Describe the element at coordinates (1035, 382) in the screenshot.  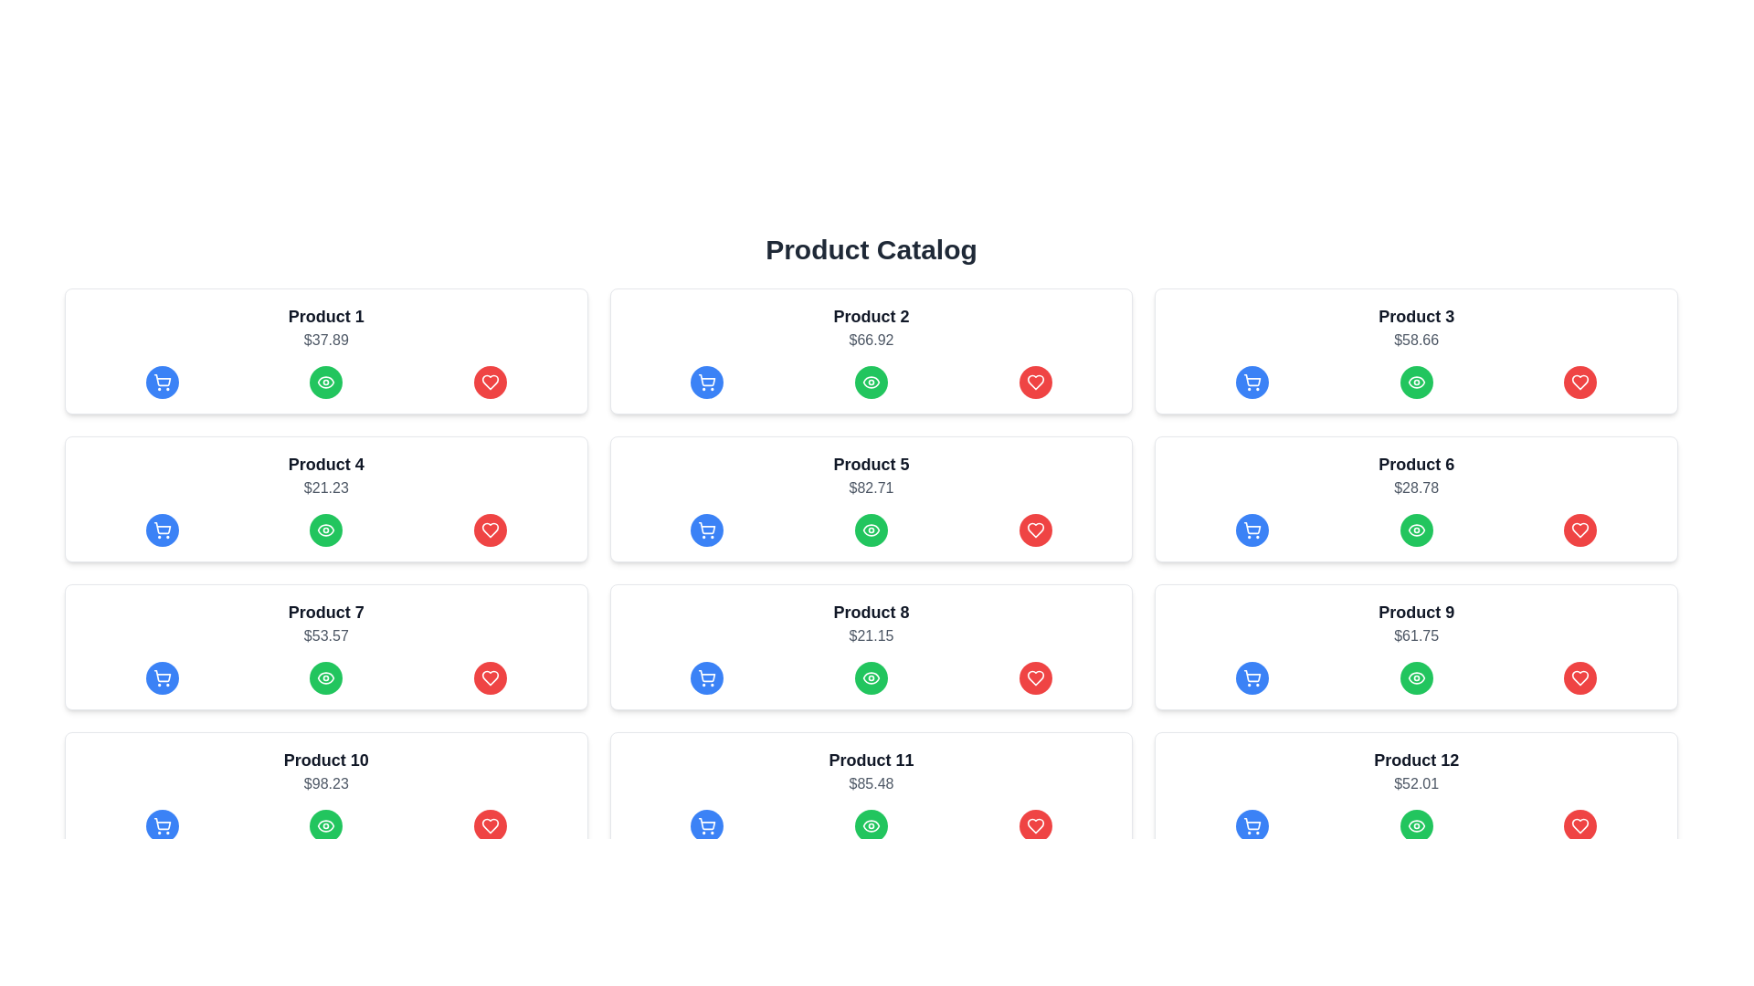
I see `the heart icon within the red circular button located in the rightmost part of the button row associated with 'Product 2' to possibly reveal tooltip information` at that location.